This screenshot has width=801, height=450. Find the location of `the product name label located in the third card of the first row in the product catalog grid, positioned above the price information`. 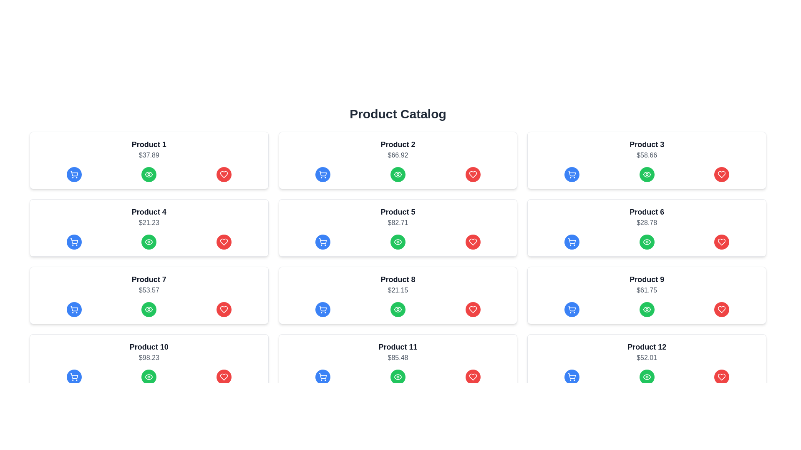

the product name label located in the third card of the first row in the product catalog grid, positioned above the price information is located at coordinates (646, 144).